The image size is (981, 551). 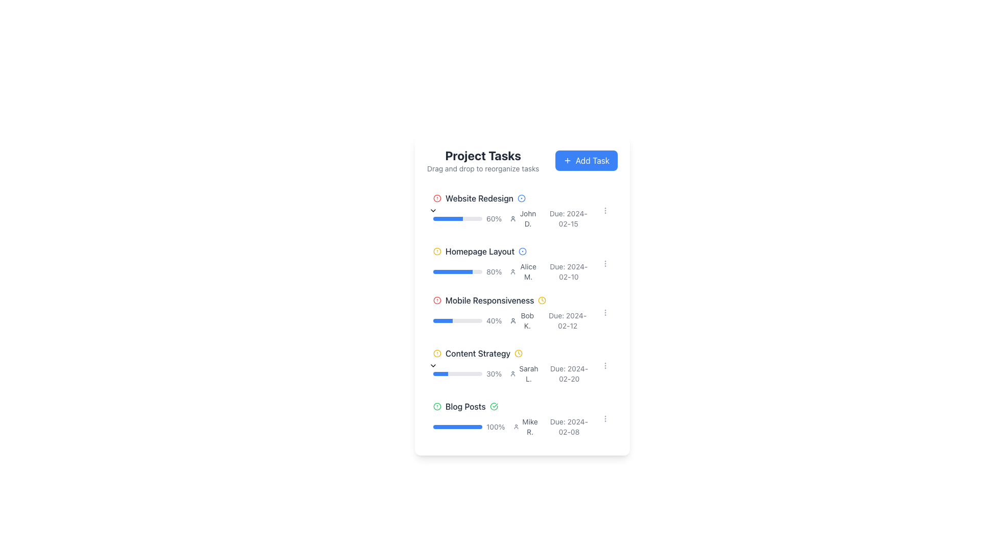 I want to click on the Information Display Panel displaying a progress bar for 'Sarah L.' with a due date of '2024-02-20', located in the middle-right of its containing card, so click(x=512, y=373).